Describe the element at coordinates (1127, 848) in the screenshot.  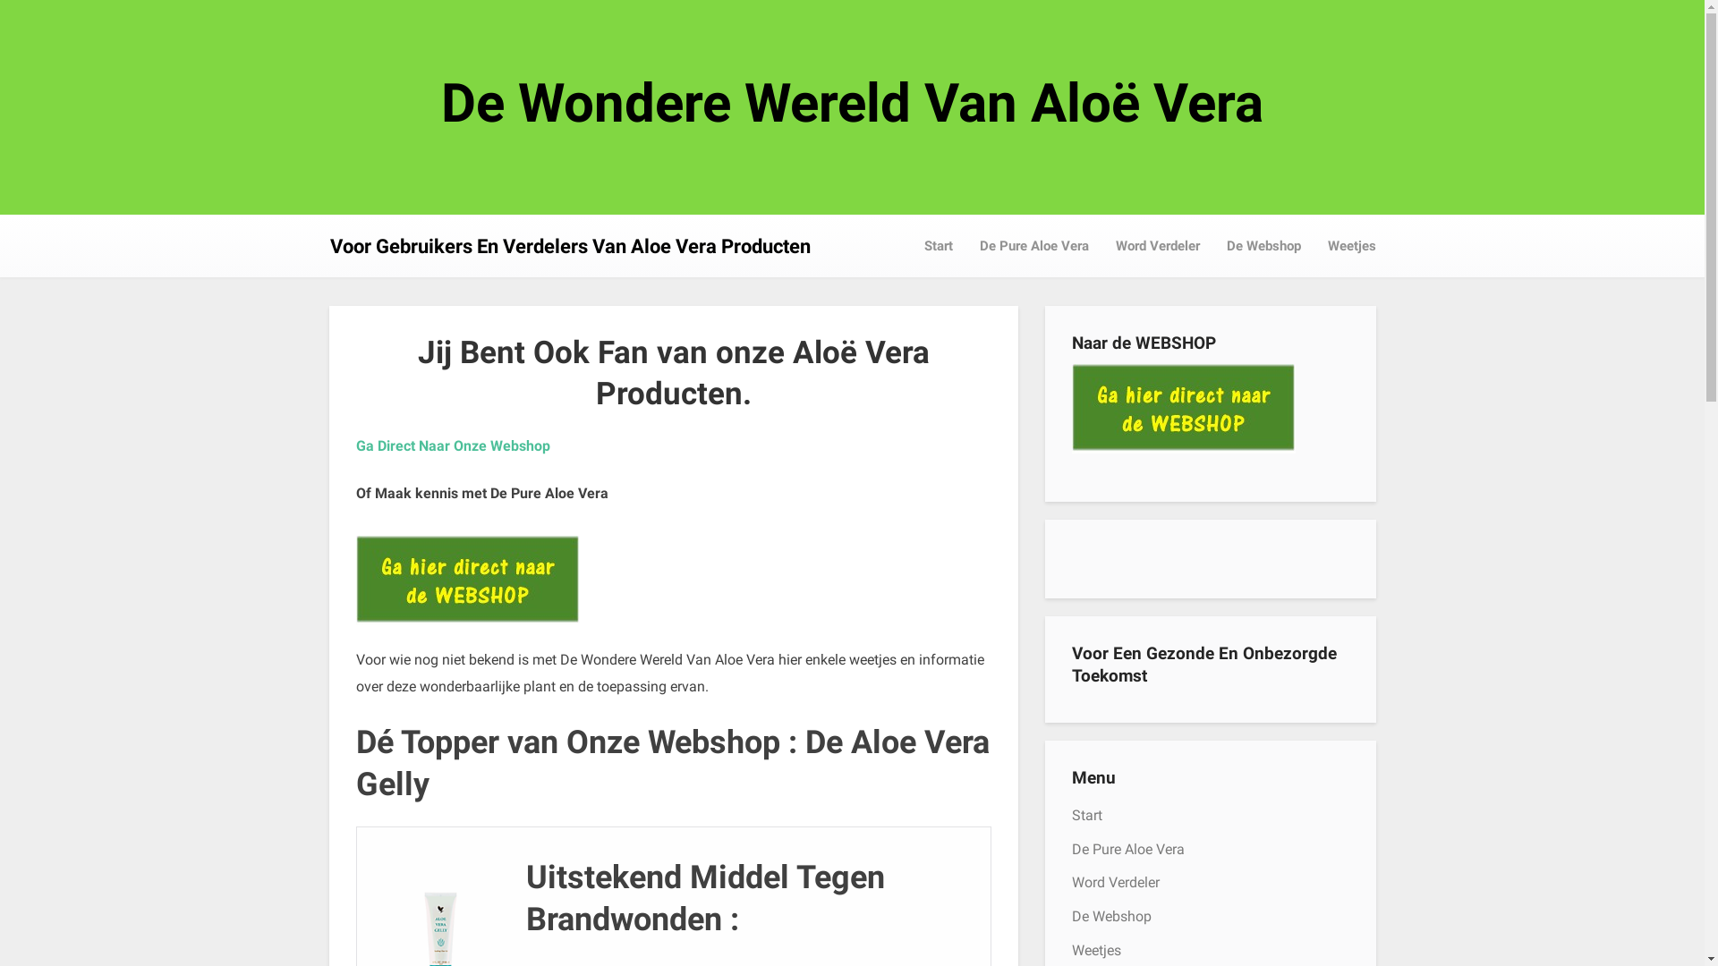
I see `'De Pure Aloe Vera'` at that location.